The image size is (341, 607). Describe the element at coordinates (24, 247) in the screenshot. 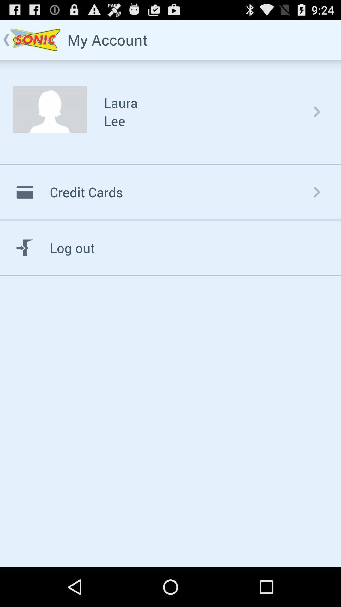

I see `the icon which is at the left of the text log out` at that location.